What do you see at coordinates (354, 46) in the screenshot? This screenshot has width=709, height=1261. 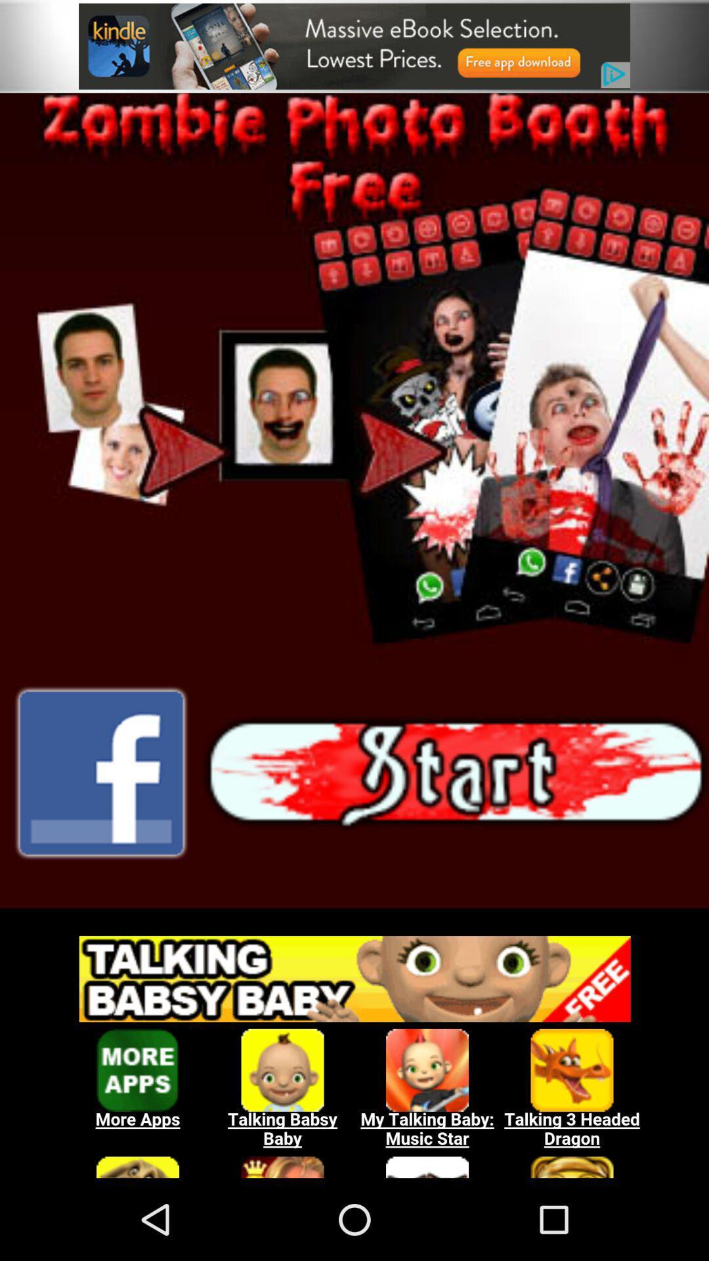 I see `kindle app download page` at bounding box center [354, 46].